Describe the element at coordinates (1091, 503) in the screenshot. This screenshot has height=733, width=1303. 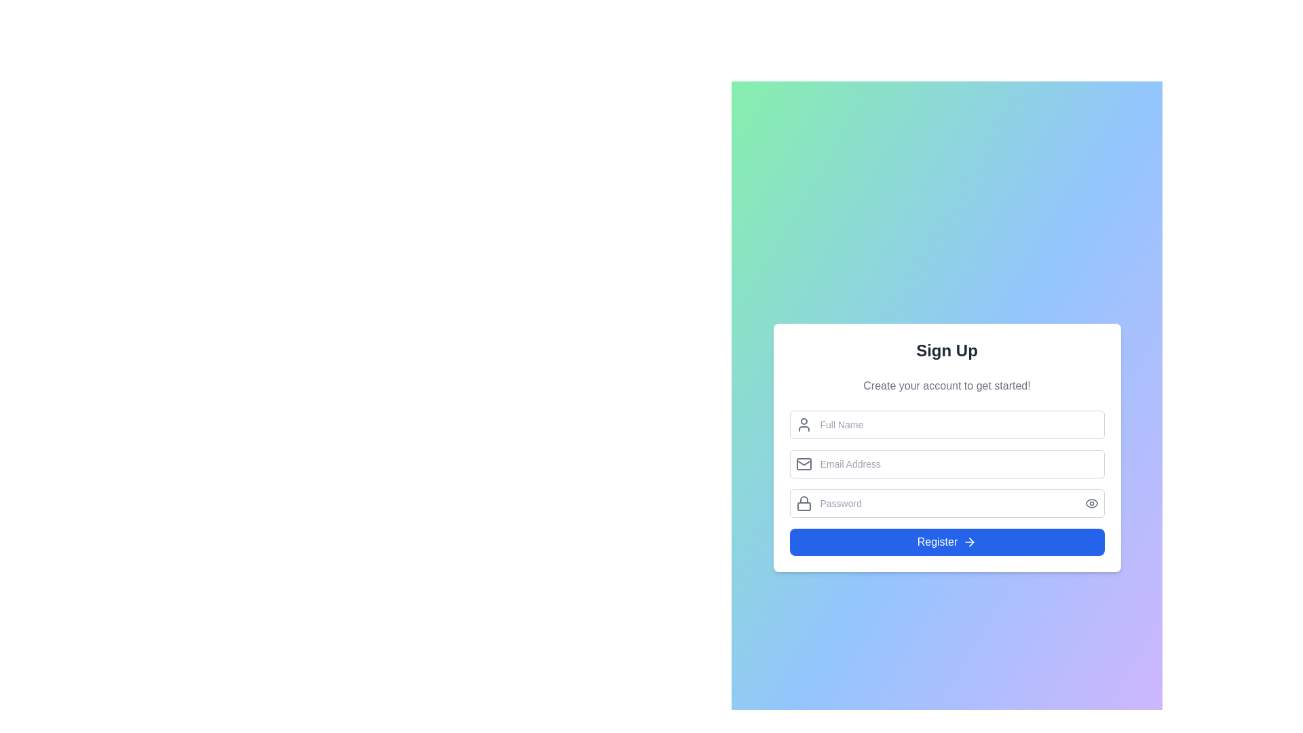
I see `the button located to the right of the password input field` at that location.